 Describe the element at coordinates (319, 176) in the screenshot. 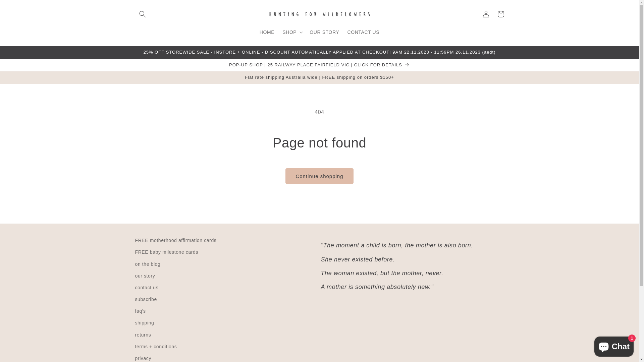

I see `'Continue shopping'` at that location.